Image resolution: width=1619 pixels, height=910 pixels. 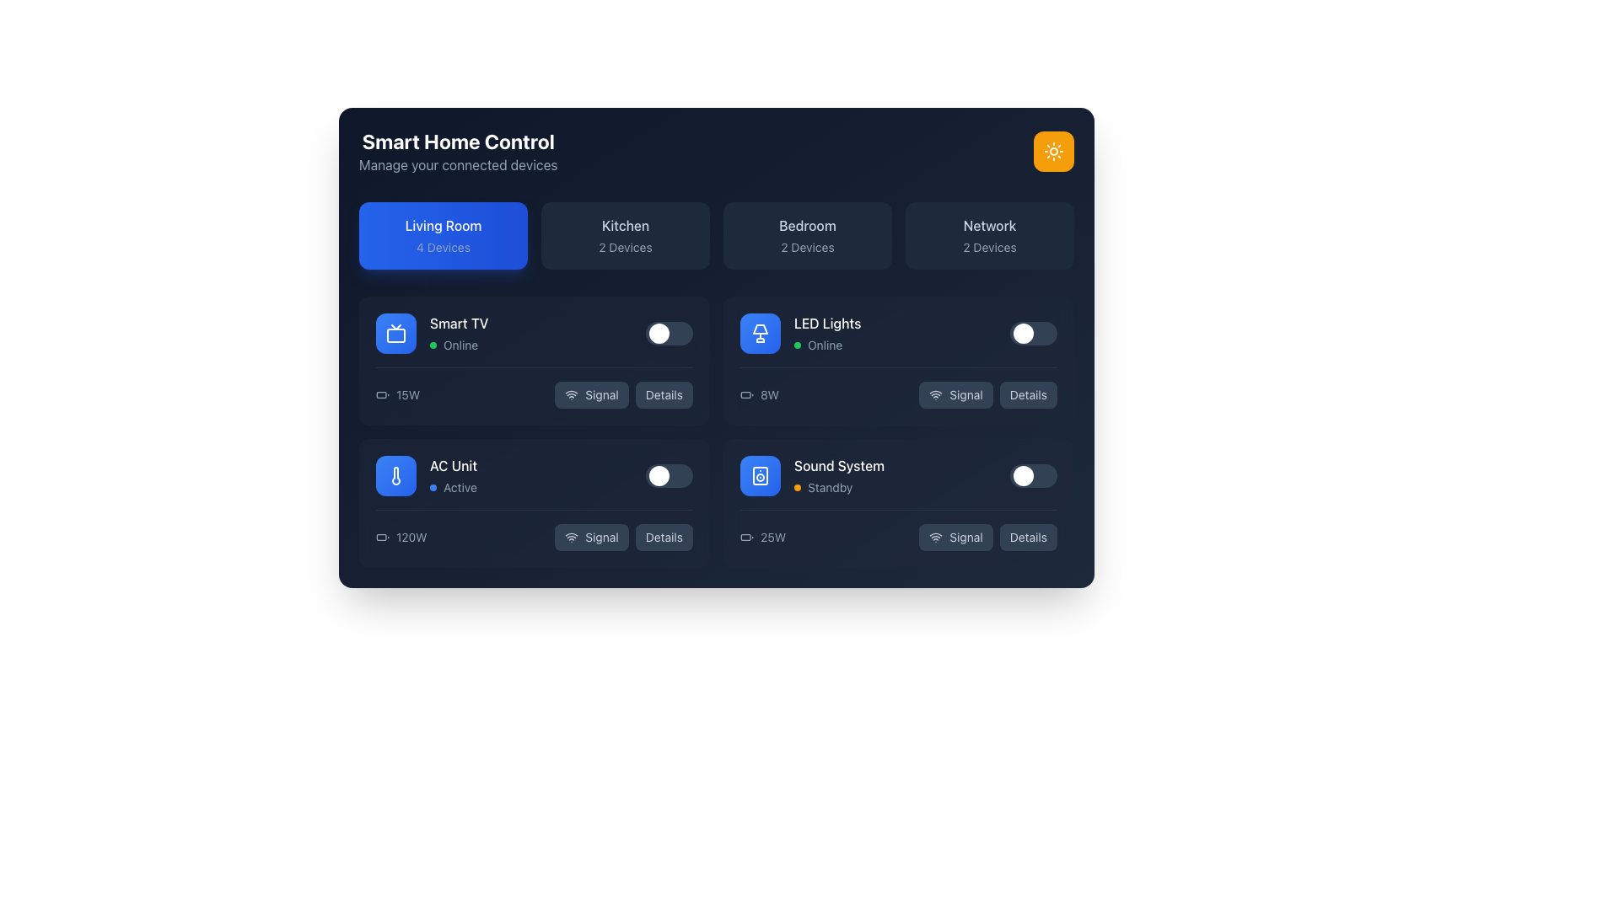 What do you see at coordinates (897, 537) in the screenshot?
I see `the informational row displaying the power usage of 25 watts for the Sound System` at bounding box center [897, 537].